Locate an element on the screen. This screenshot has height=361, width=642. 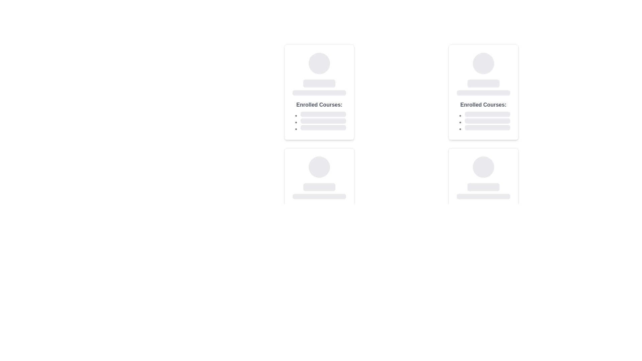
the content of the card titled 'Enrolled Courses:' which is located in the top-left position of the grid layout is located at coordinates (319, 92).